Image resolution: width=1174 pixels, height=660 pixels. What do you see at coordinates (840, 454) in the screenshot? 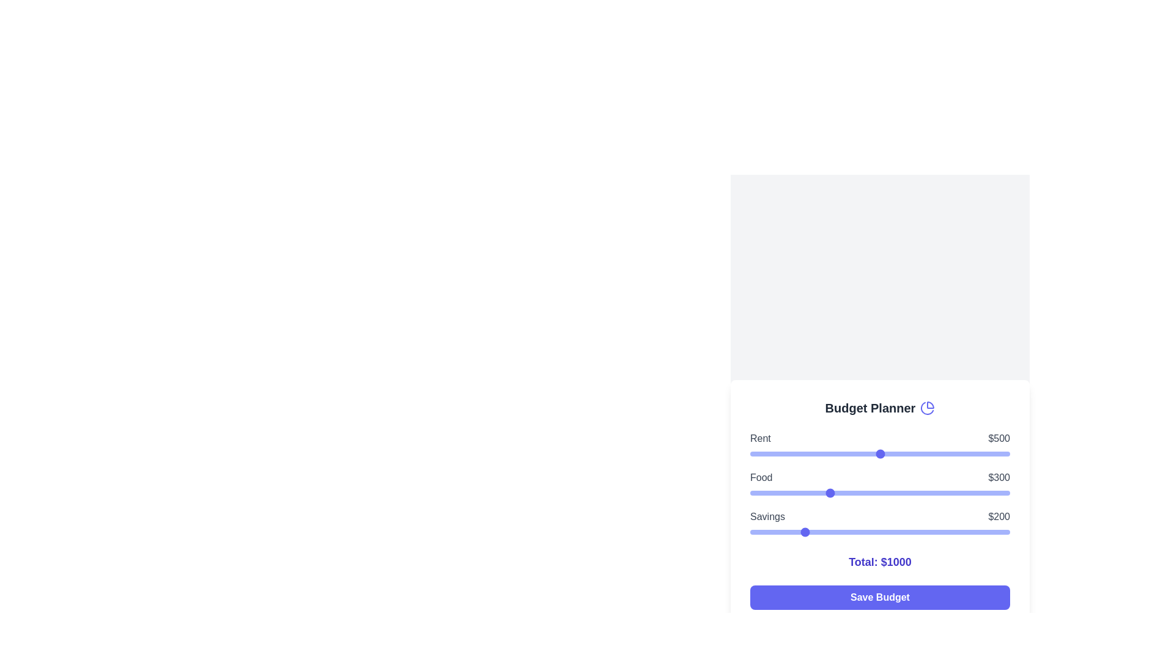
I see `the rent budget slider to 350` at bounding box center [840, 454].